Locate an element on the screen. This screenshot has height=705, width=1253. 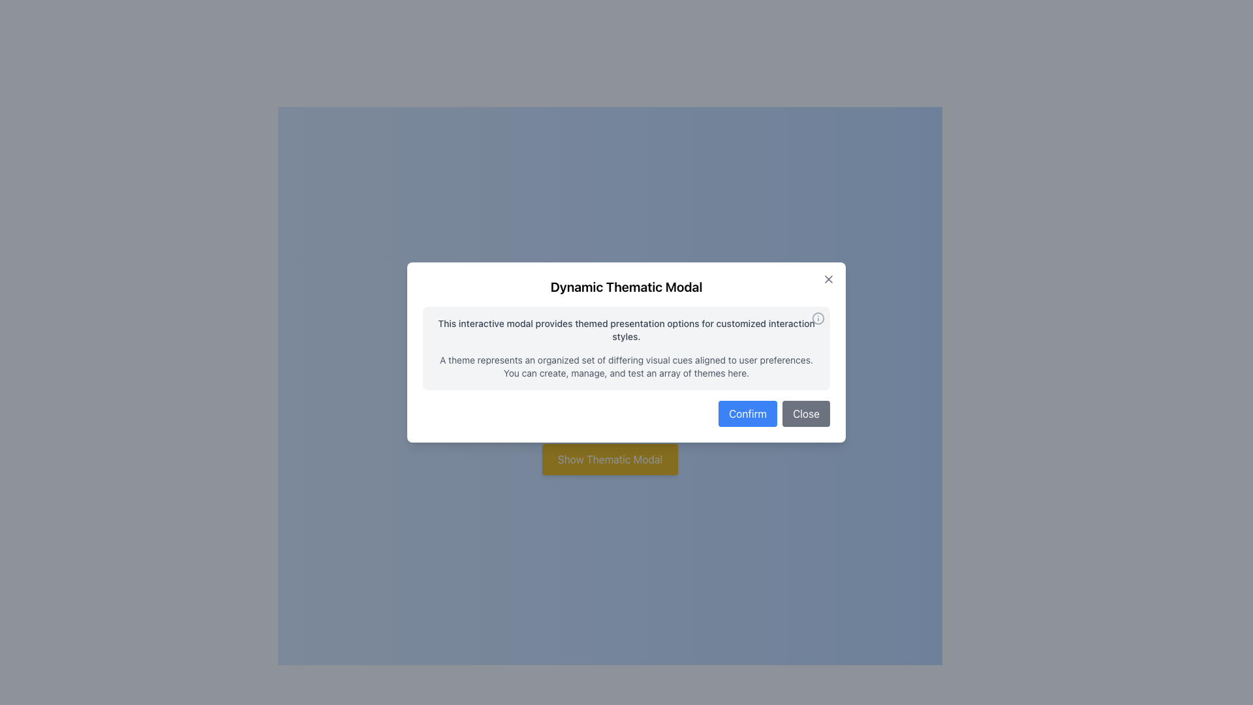
the close icon located at the top-right corner of the modal dialog box is located at coordinates (828, 279).